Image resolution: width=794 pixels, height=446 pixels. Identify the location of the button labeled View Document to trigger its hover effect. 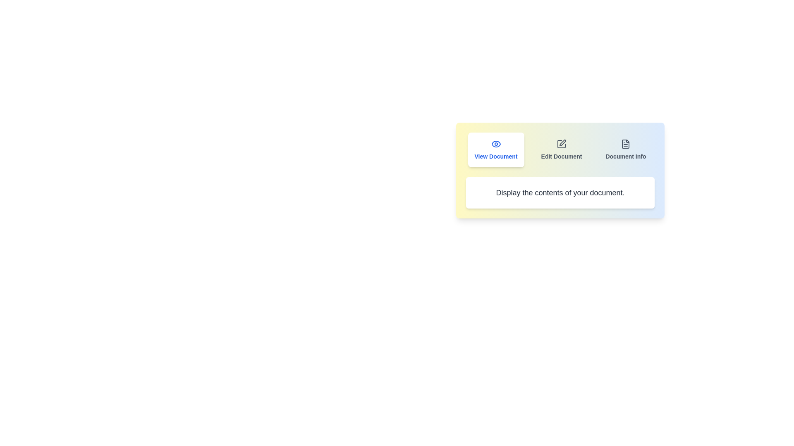
(496, 149).